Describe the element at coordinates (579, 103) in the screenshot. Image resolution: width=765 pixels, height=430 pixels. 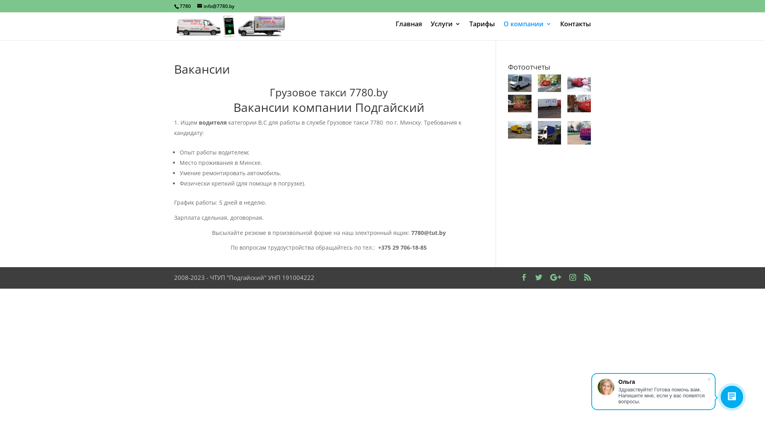
I see `'IMG_20171030_160746'` at that location.